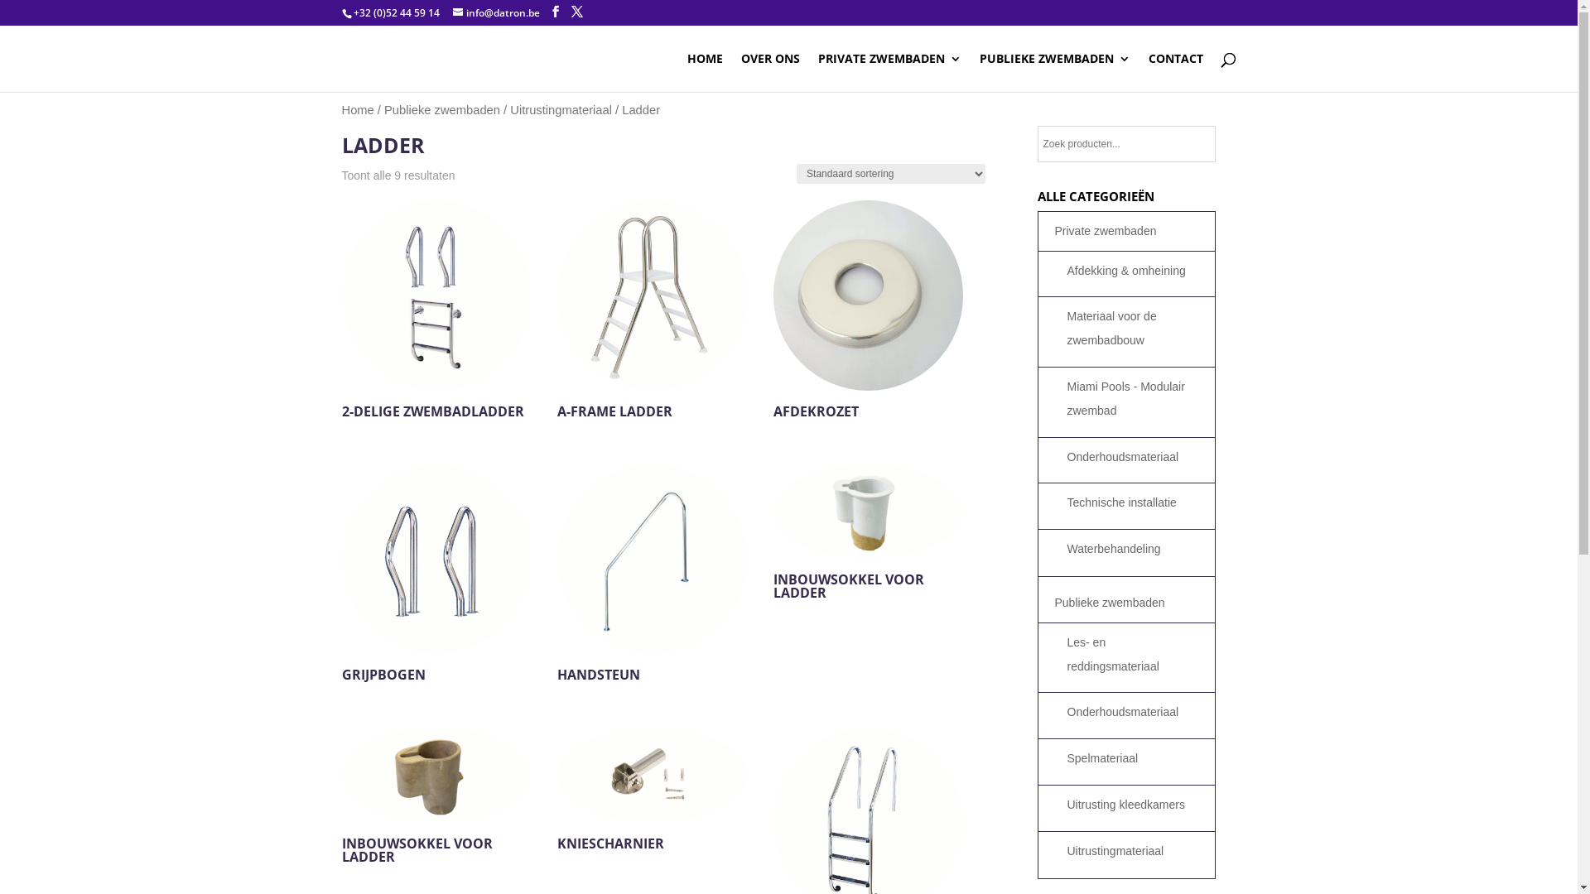 The height and width of the screenshot is (894, 1590). What do you see at coordinates (1126, 231) in the screenshot?
I see `'Private zwembaden'` at bounding box center [1126, 231].